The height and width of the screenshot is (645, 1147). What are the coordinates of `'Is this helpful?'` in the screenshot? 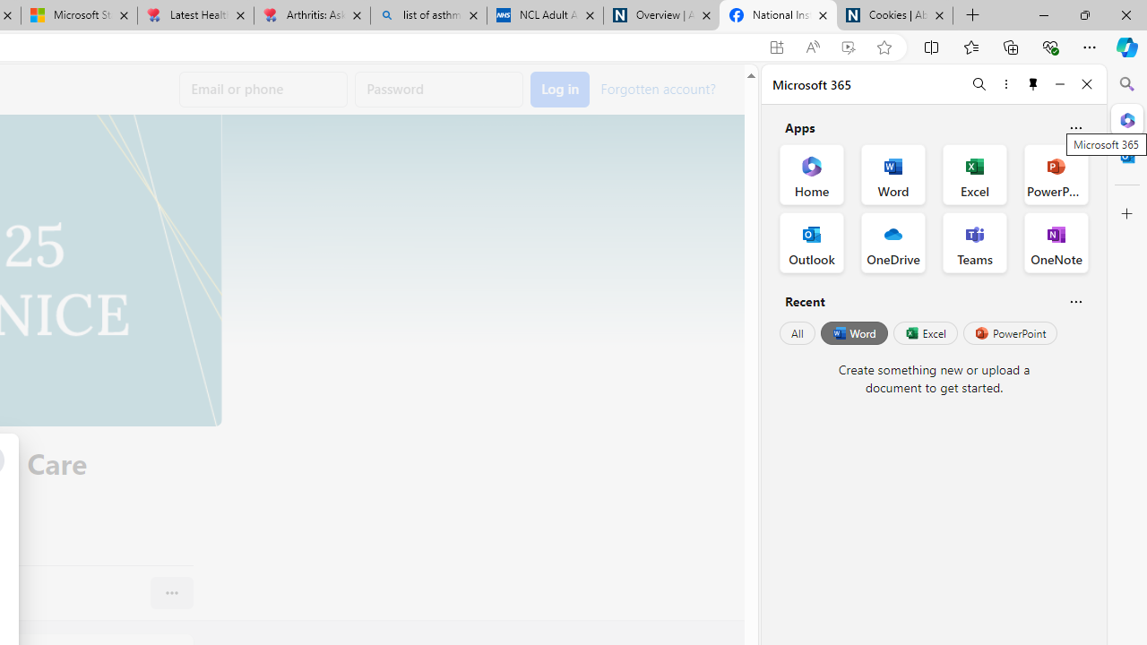 It's located at (1075, 300).